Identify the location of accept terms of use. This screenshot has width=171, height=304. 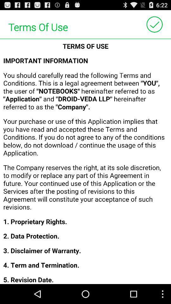
(154, 24).